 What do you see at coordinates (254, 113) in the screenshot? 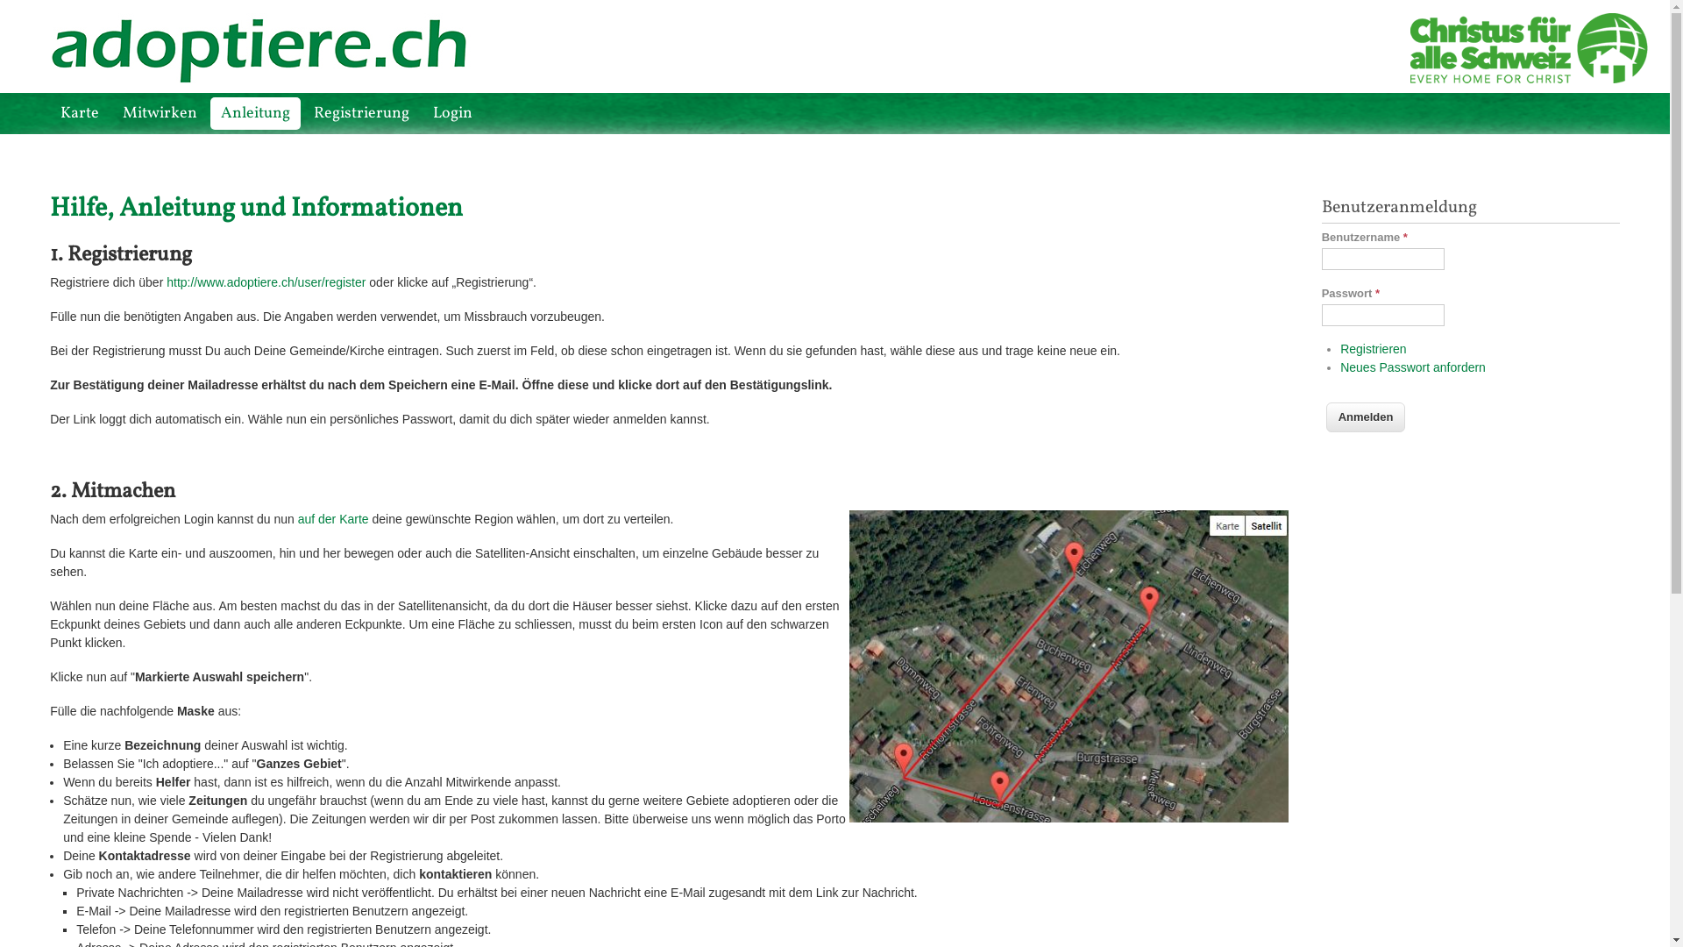
I see `'Anleitung'` at bounding box center [254, 113].